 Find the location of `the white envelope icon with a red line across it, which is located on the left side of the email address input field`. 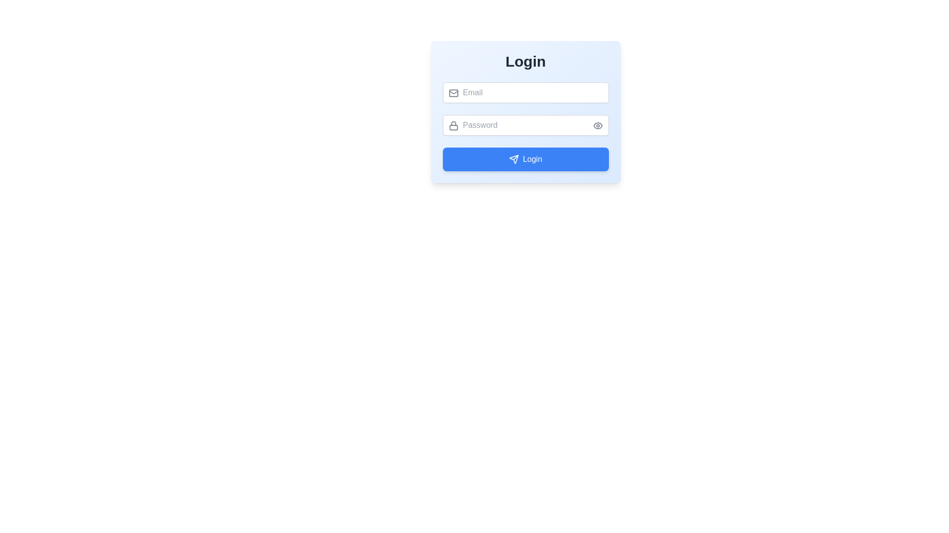

the white envelope icon with a red line across it, which is located on the left side of the email address input field is located at coordinates (453, 92).